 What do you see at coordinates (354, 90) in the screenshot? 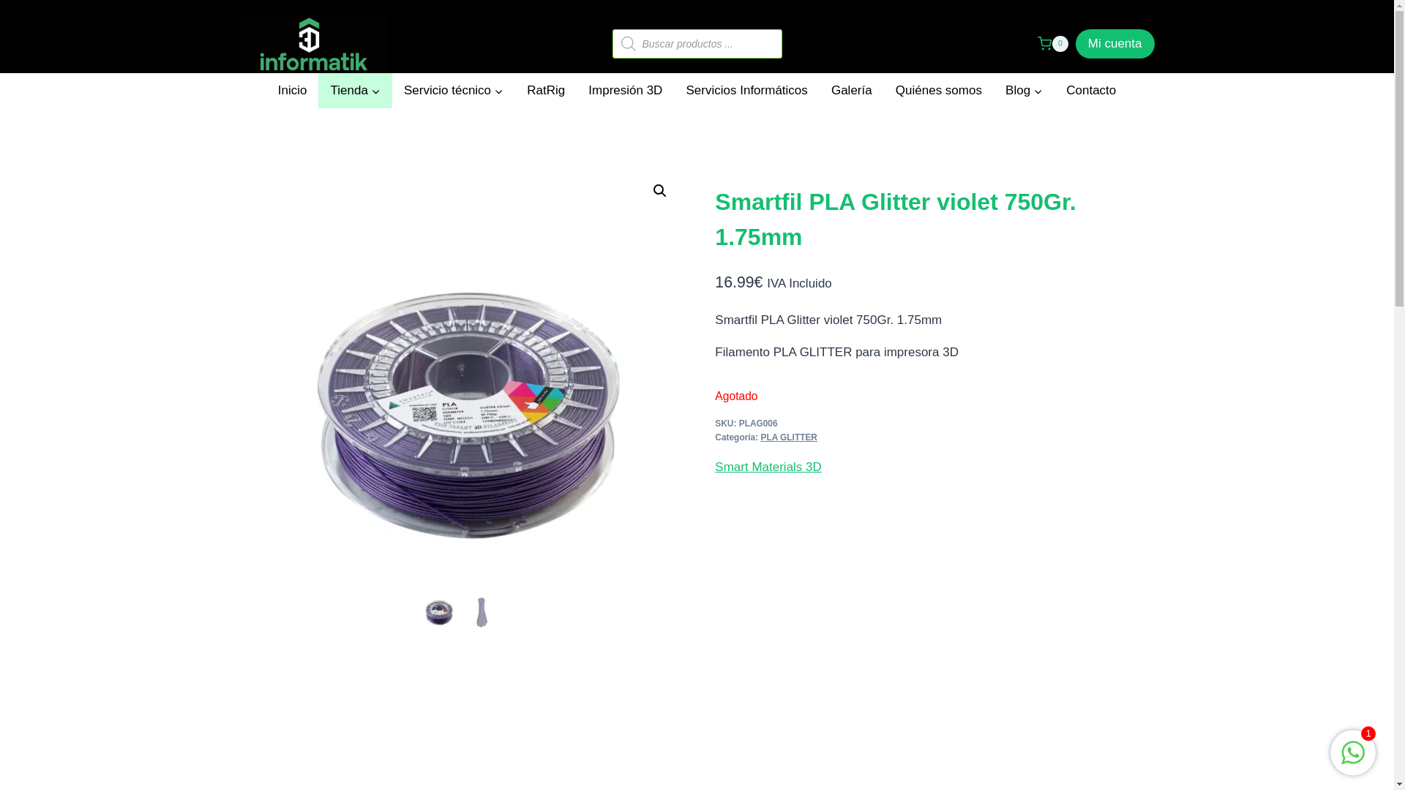
I see `'Tienda'` at bounding box center [354, 90].